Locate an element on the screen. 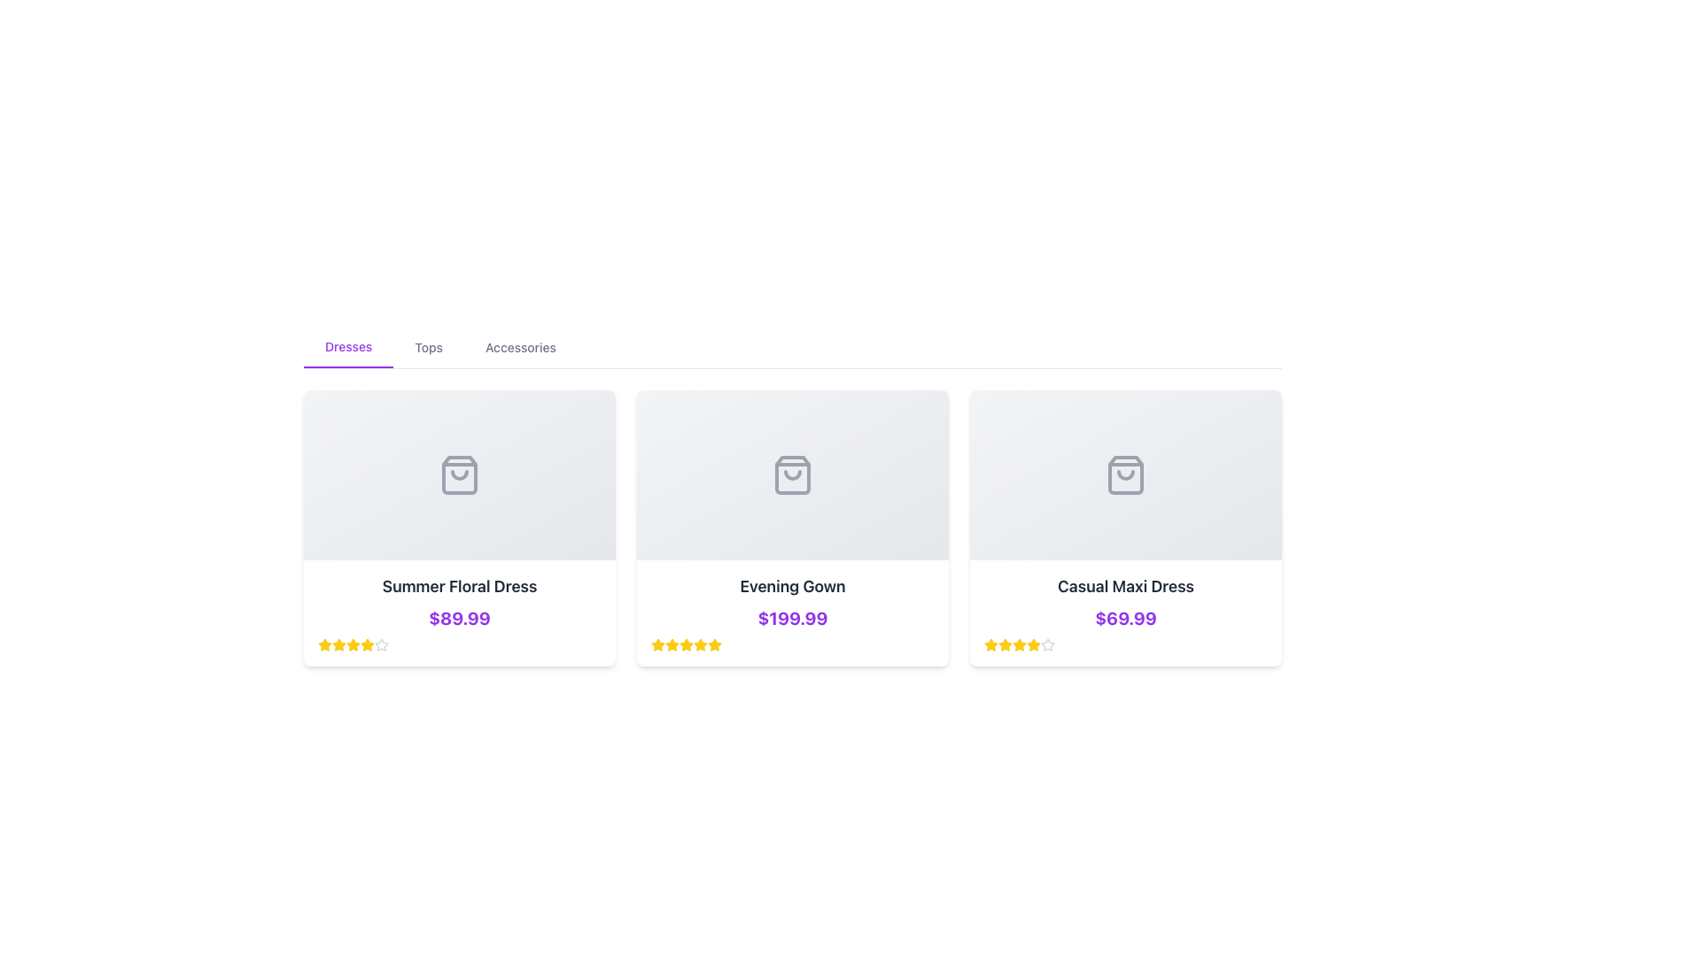 The width and height of the screenshot is (1701, 956). the shopping bag icon located at the center top of the 'Summer Floral Dress' card, which has a light grey line-drawn style is located at coordinates (459, 474).